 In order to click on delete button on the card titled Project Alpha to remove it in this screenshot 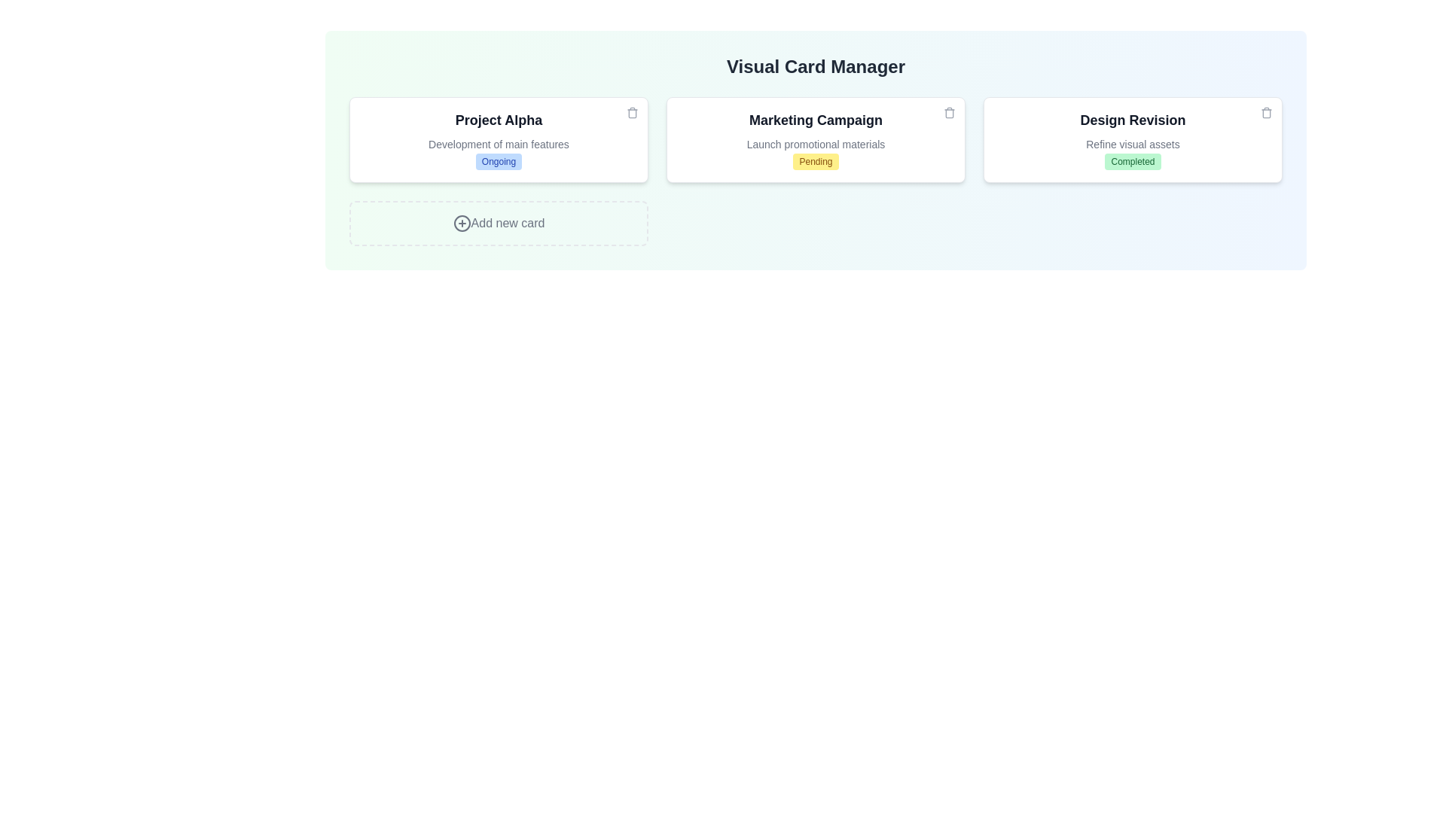, I will do `click(633, 112)`.